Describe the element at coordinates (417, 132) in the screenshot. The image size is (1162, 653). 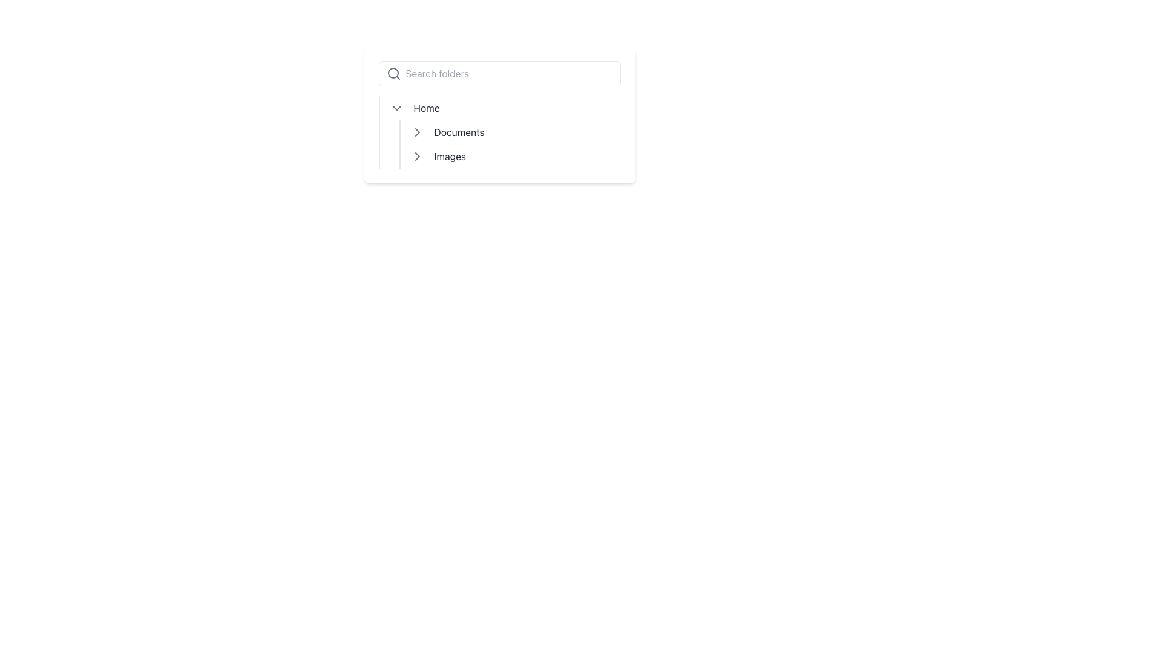
I see `the right-pointing chevron icon with a gray fill, which is located to the immediate left of the 'Documents' label` at that location.